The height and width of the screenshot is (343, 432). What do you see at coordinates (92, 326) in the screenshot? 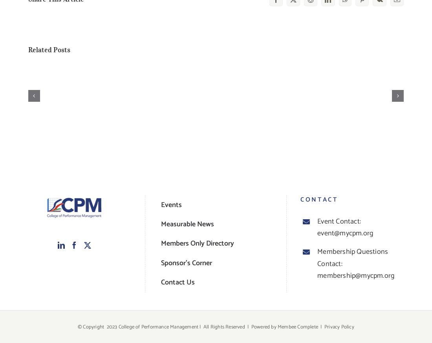
I see `'© Copyright'` at bounding box center [92, 326].